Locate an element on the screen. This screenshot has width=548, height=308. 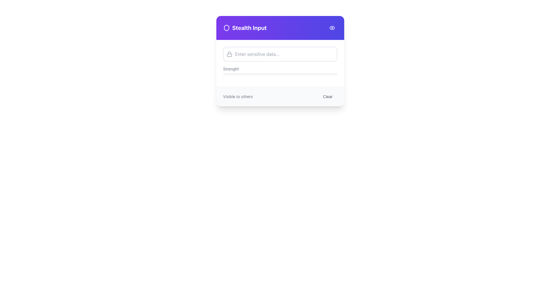
the text label that indicates the purpose of the adjacent graphical context is located at coordinates (231, 69).